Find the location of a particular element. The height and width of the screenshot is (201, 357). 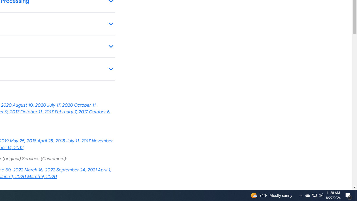

'August 10, 2020' is located at coordinates (29, 105).